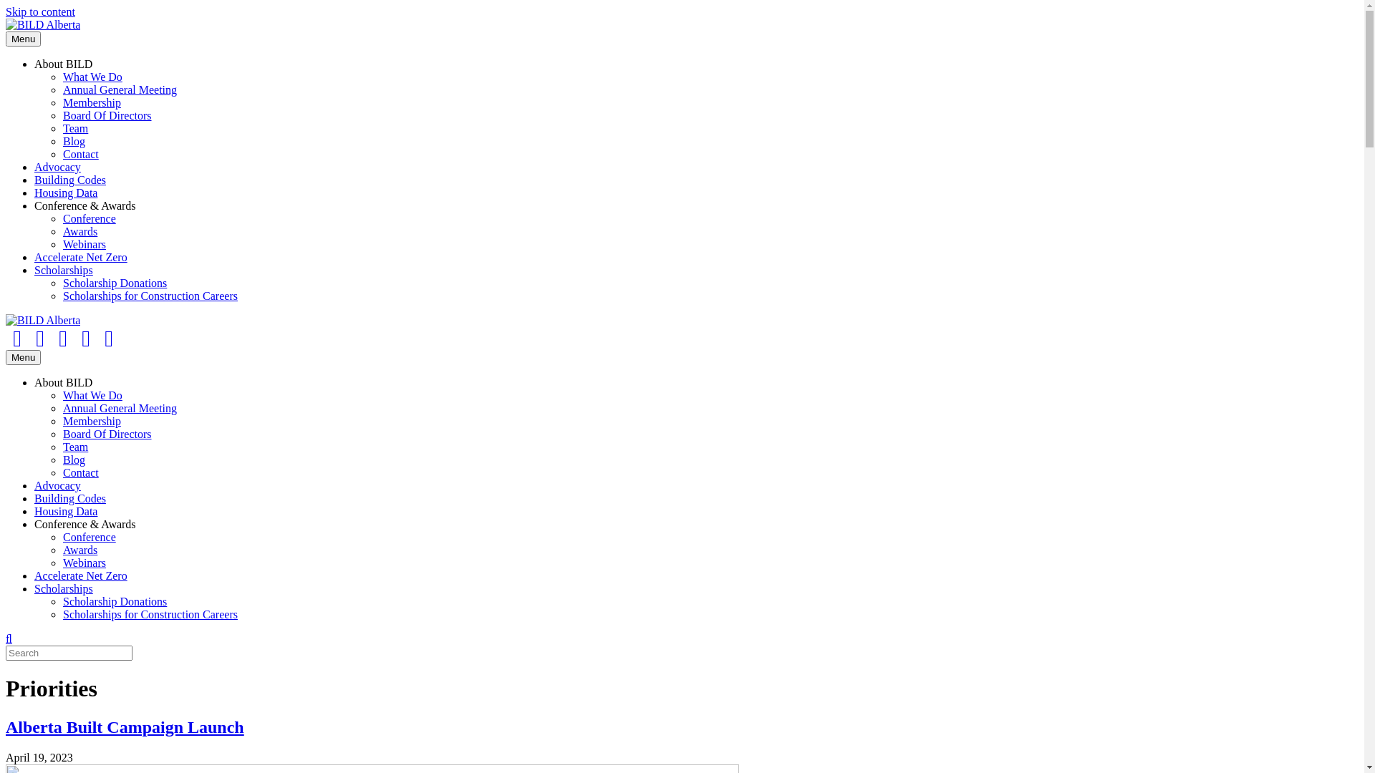  Describe the element at coordinates (150, 613) in the screenshot. I see `'Scholarships for Construction Careers'` at that location.